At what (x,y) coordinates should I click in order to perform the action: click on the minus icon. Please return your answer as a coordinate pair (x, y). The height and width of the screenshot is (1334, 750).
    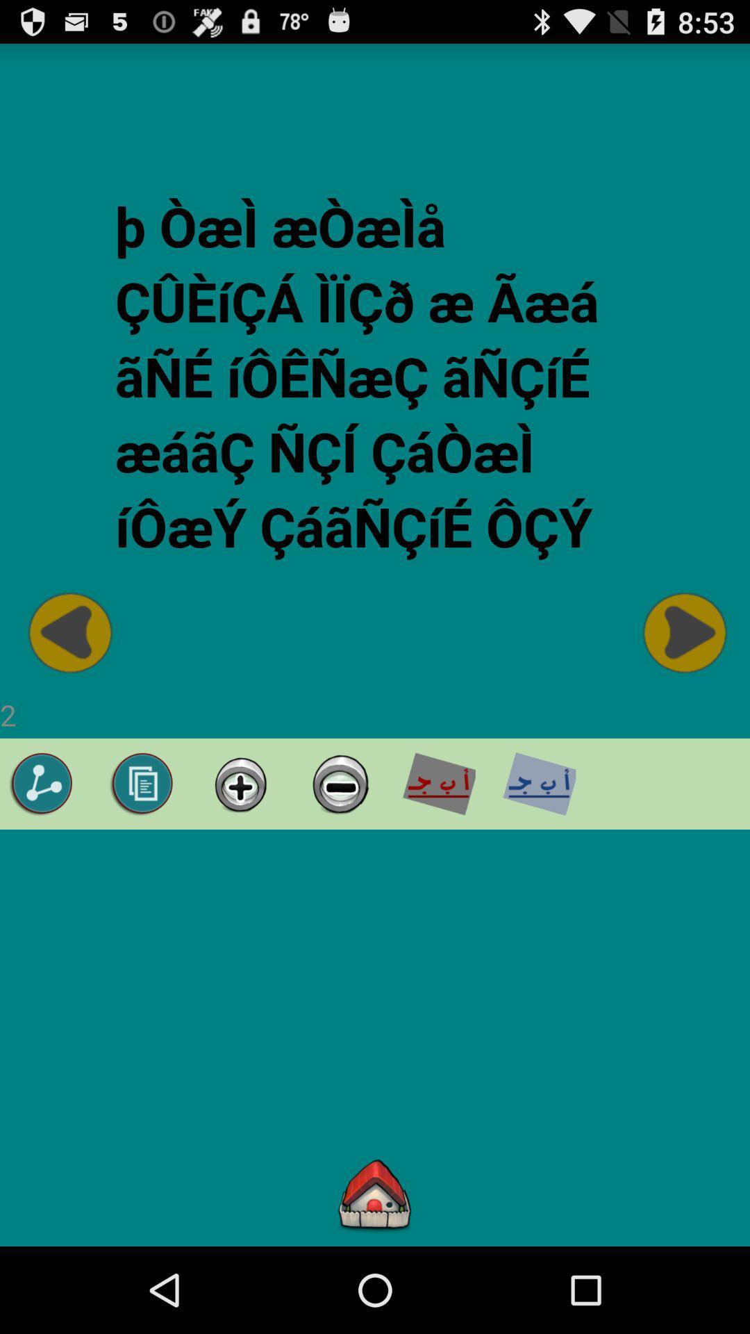
    Looking at the image, I should click on (338, 839).